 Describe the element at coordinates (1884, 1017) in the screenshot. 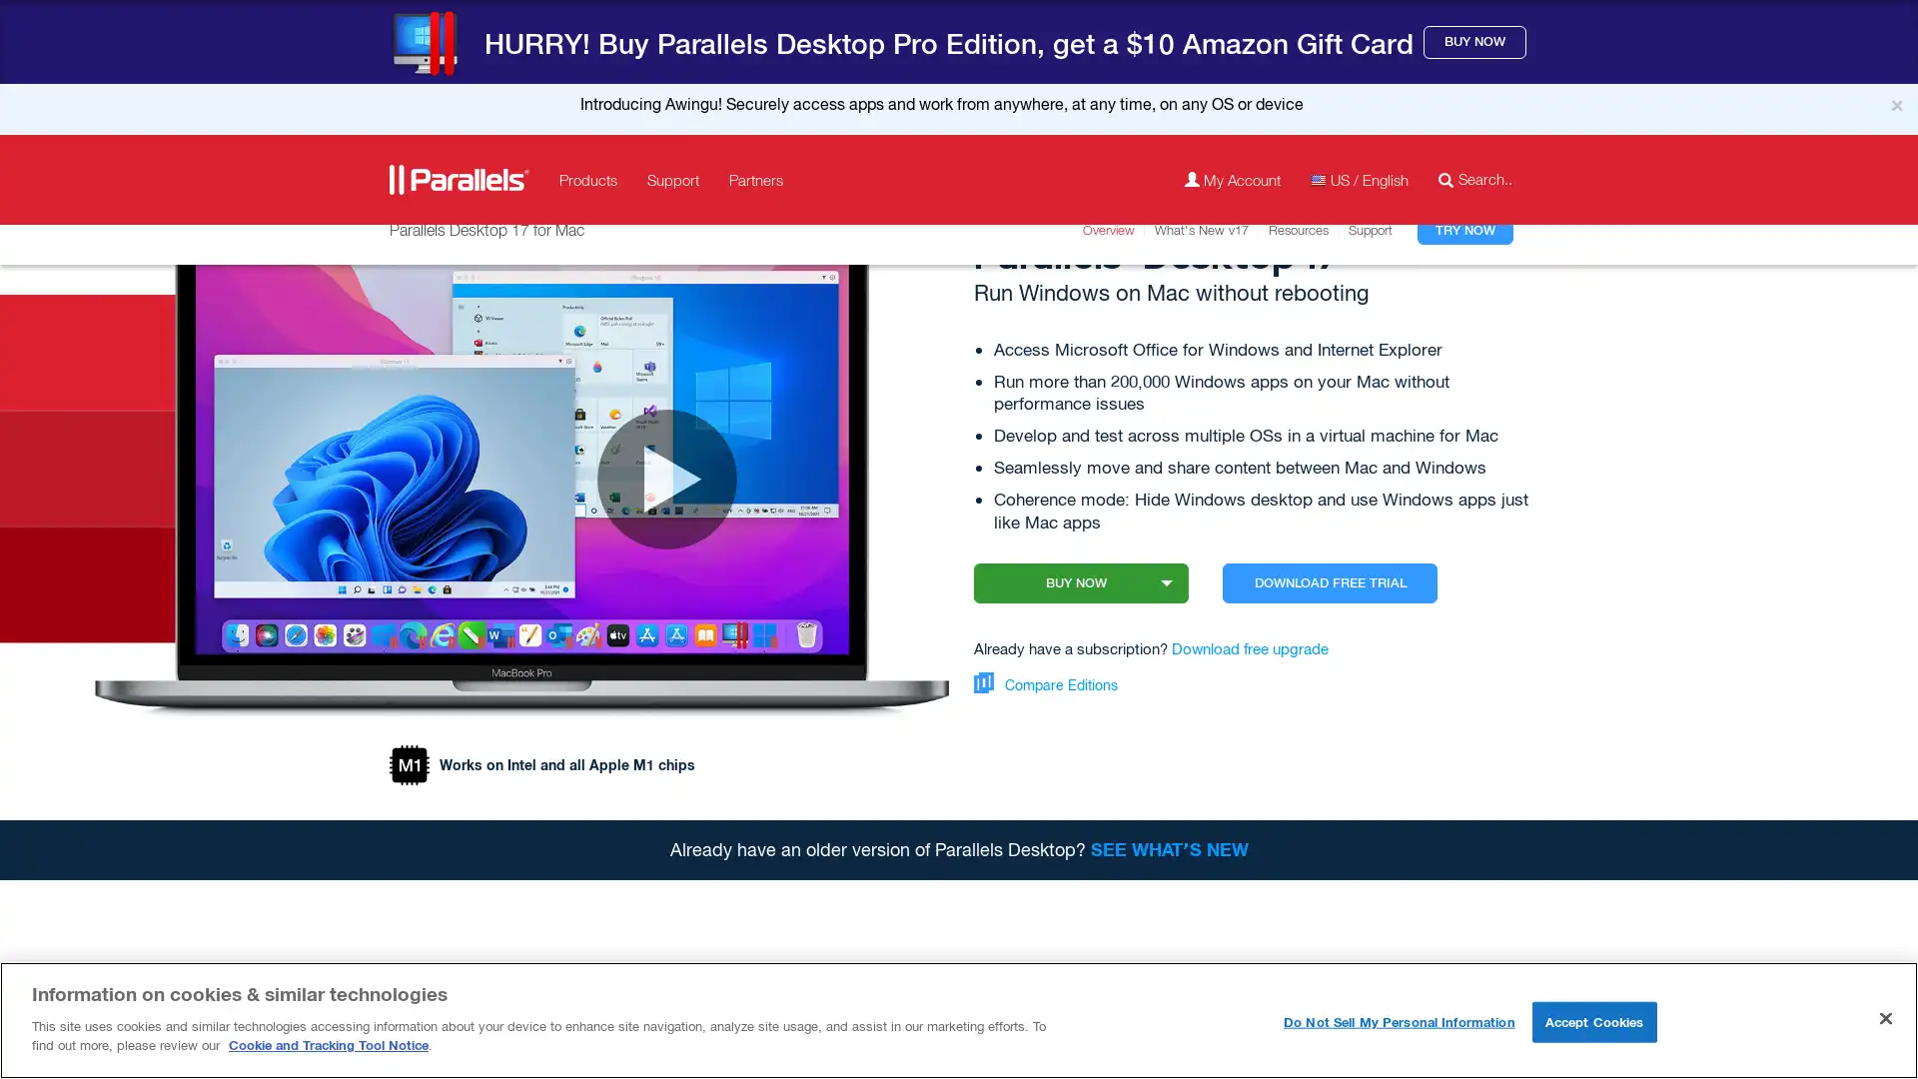

I see `Close` at that location.